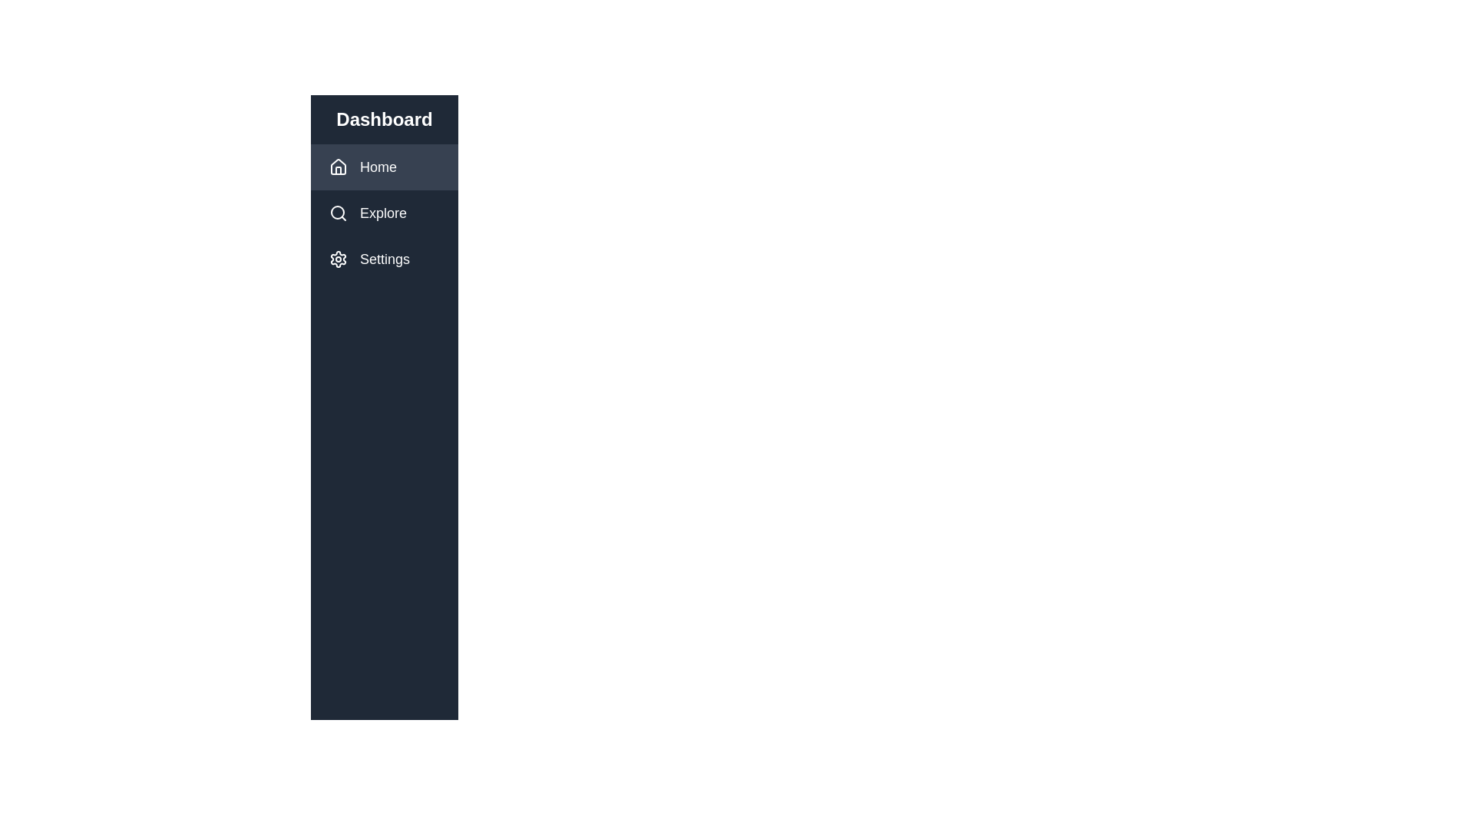  Describe the element at coordinates (344, 213) in the screenshot. I see `the Magnifying Glass icon located to the left of the 'Explore' text in the left vertical navigation menu` at that location.